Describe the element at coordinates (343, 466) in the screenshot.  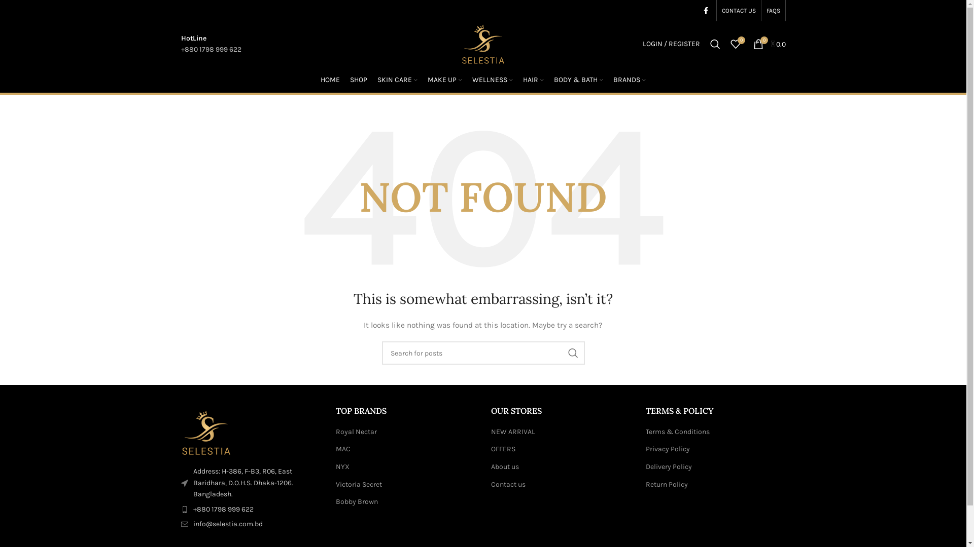
I see `'NYX'` at that location.